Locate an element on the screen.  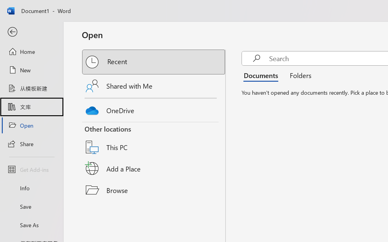
'This PC' is located at coordinates (154, 139).